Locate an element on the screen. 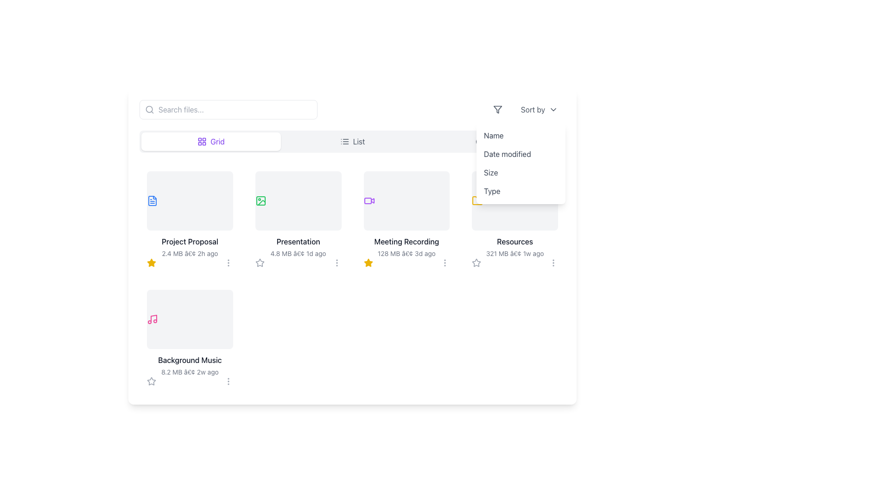 This screenshot has width=890, height=500. the small triangular filter icon with a gray outline located to the left of the 'Sort by' text in the sorting options section at the top-right of the interface to interact with sorting options is located at coordinates (497, 109).